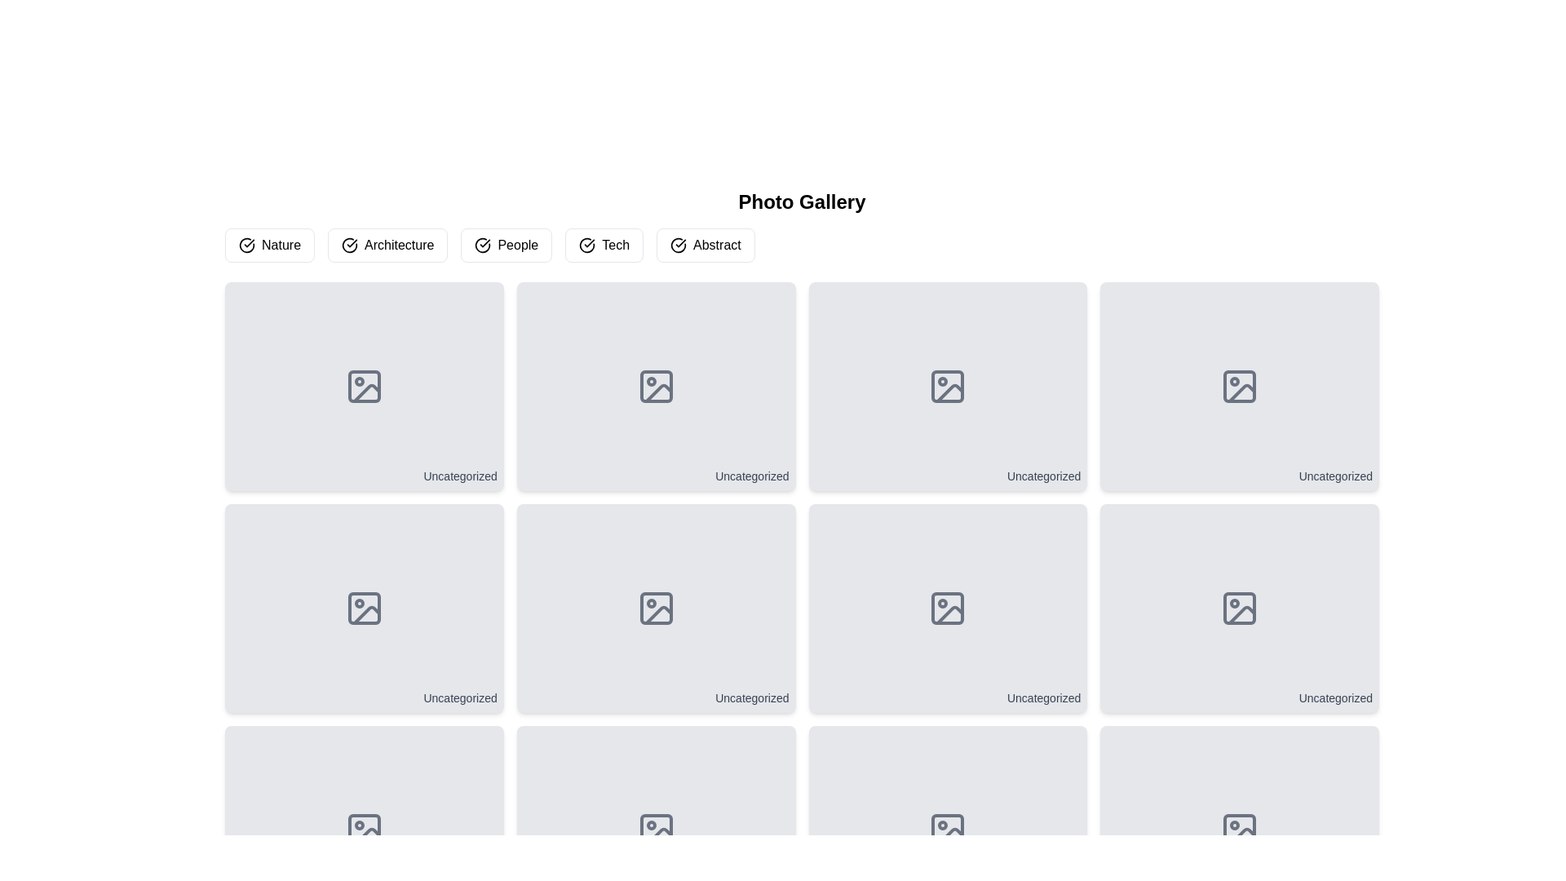 The width and height of the screenshot is (1566, 881). I want to click on the image placeholder icon located in the third column of the bottom row of the grid layout, so click(948, 830).